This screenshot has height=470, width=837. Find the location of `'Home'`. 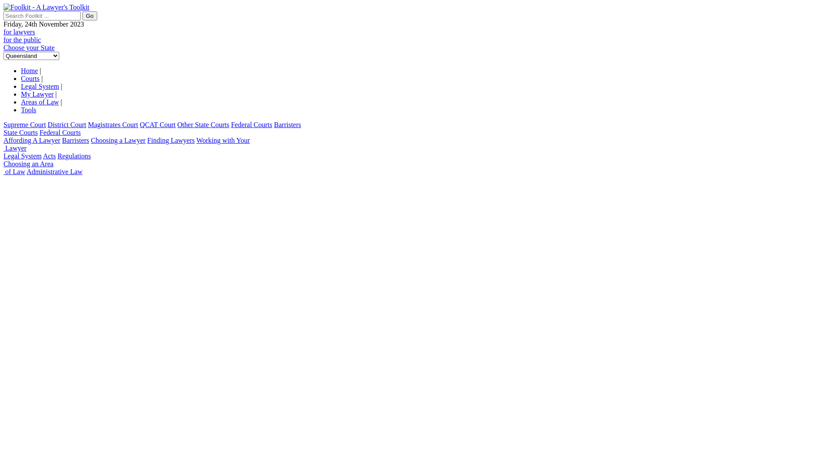

'Home' is located at coordinates (21, 70).